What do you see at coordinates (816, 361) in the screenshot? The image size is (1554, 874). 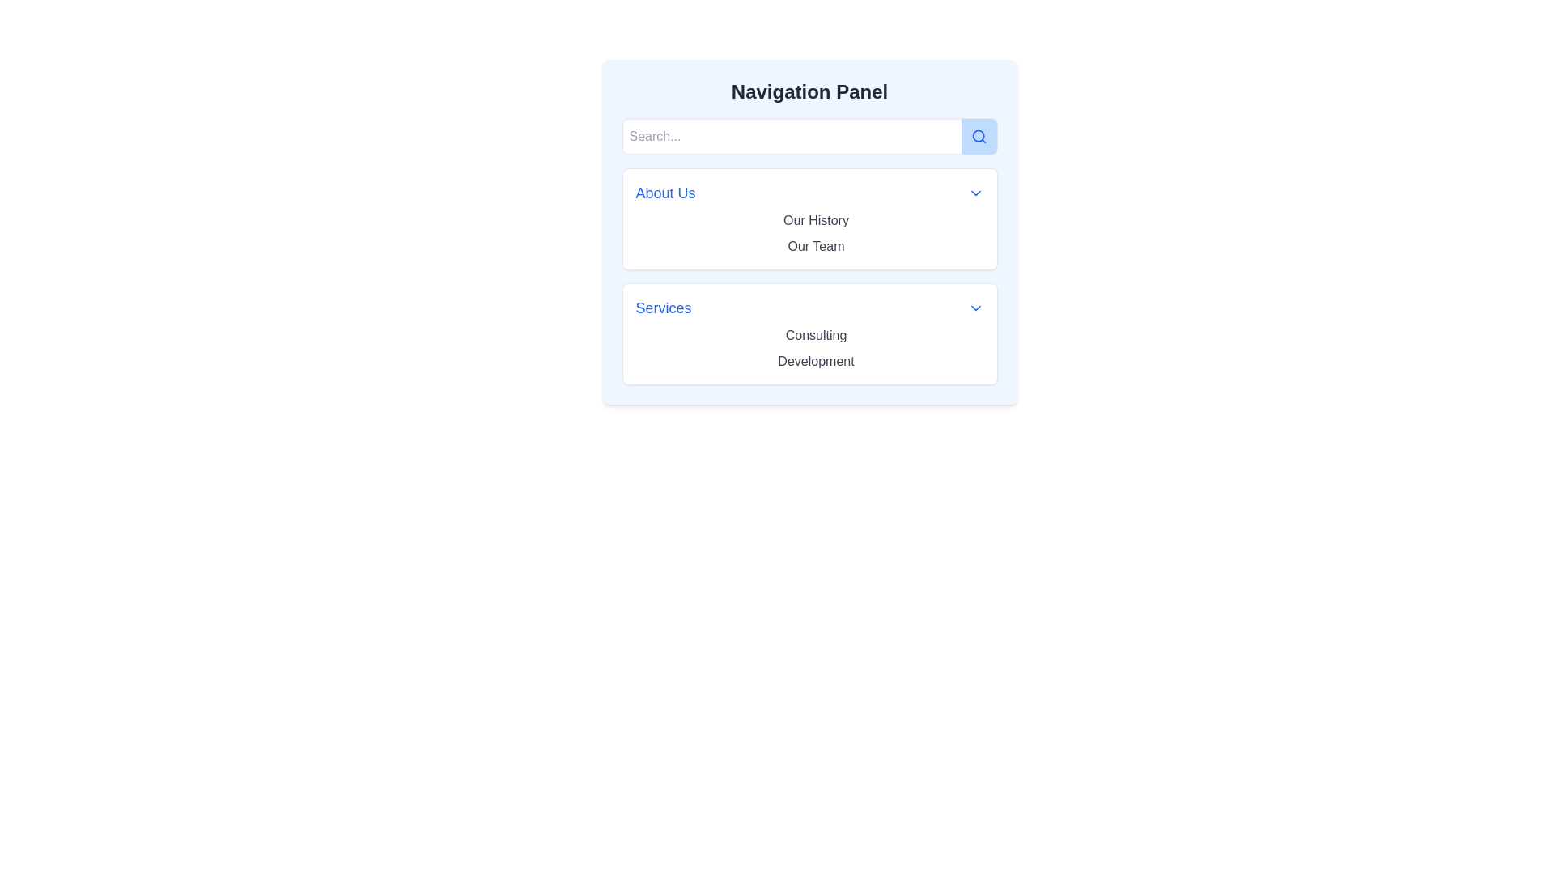 I see `the 'Development' hyperlink, which is the second item in the dropdown menu under the 'Services' section of the navigation panel` at bounding box center [816, 361].